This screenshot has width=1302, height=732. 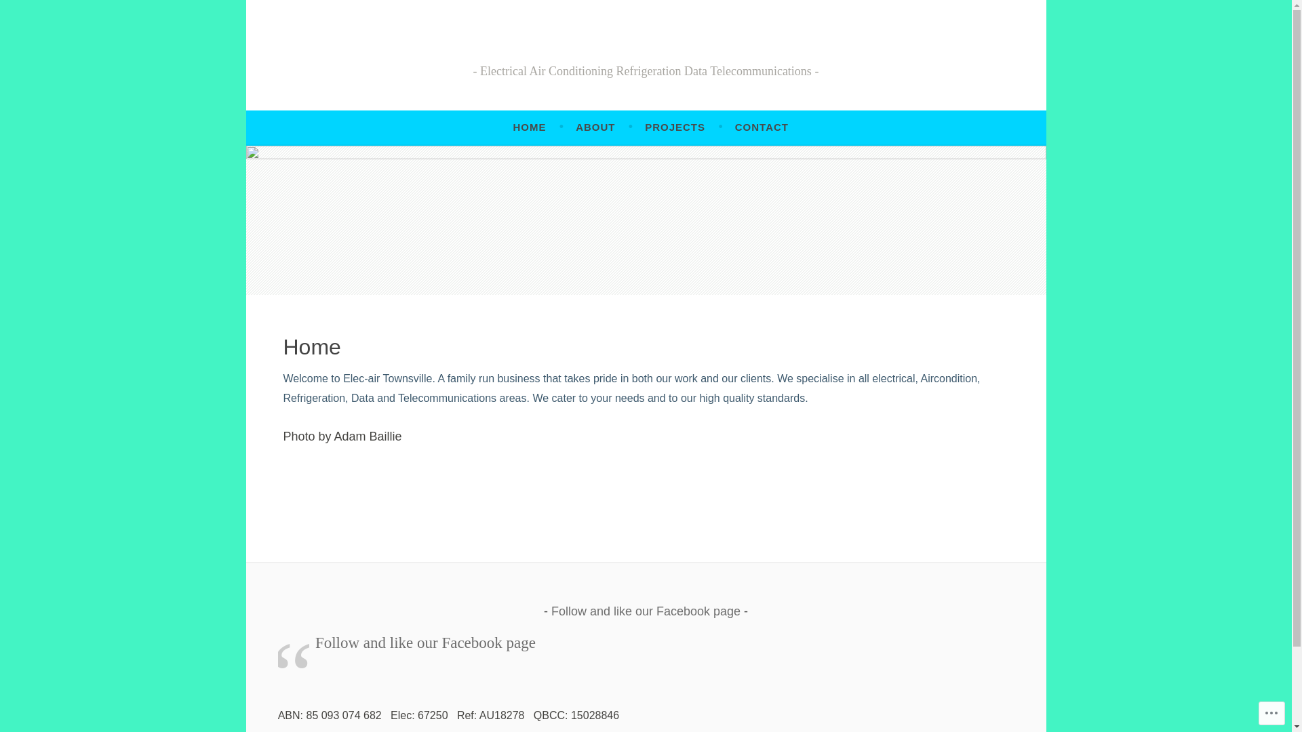 I want to click on 'PROJECTS', so click(x=675, y=127).